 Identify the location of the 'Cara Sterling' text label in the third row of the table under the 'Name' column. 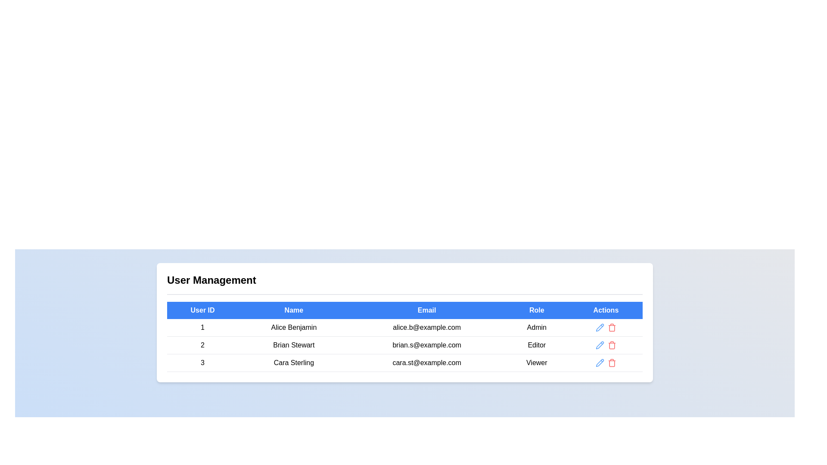
(294, 363).